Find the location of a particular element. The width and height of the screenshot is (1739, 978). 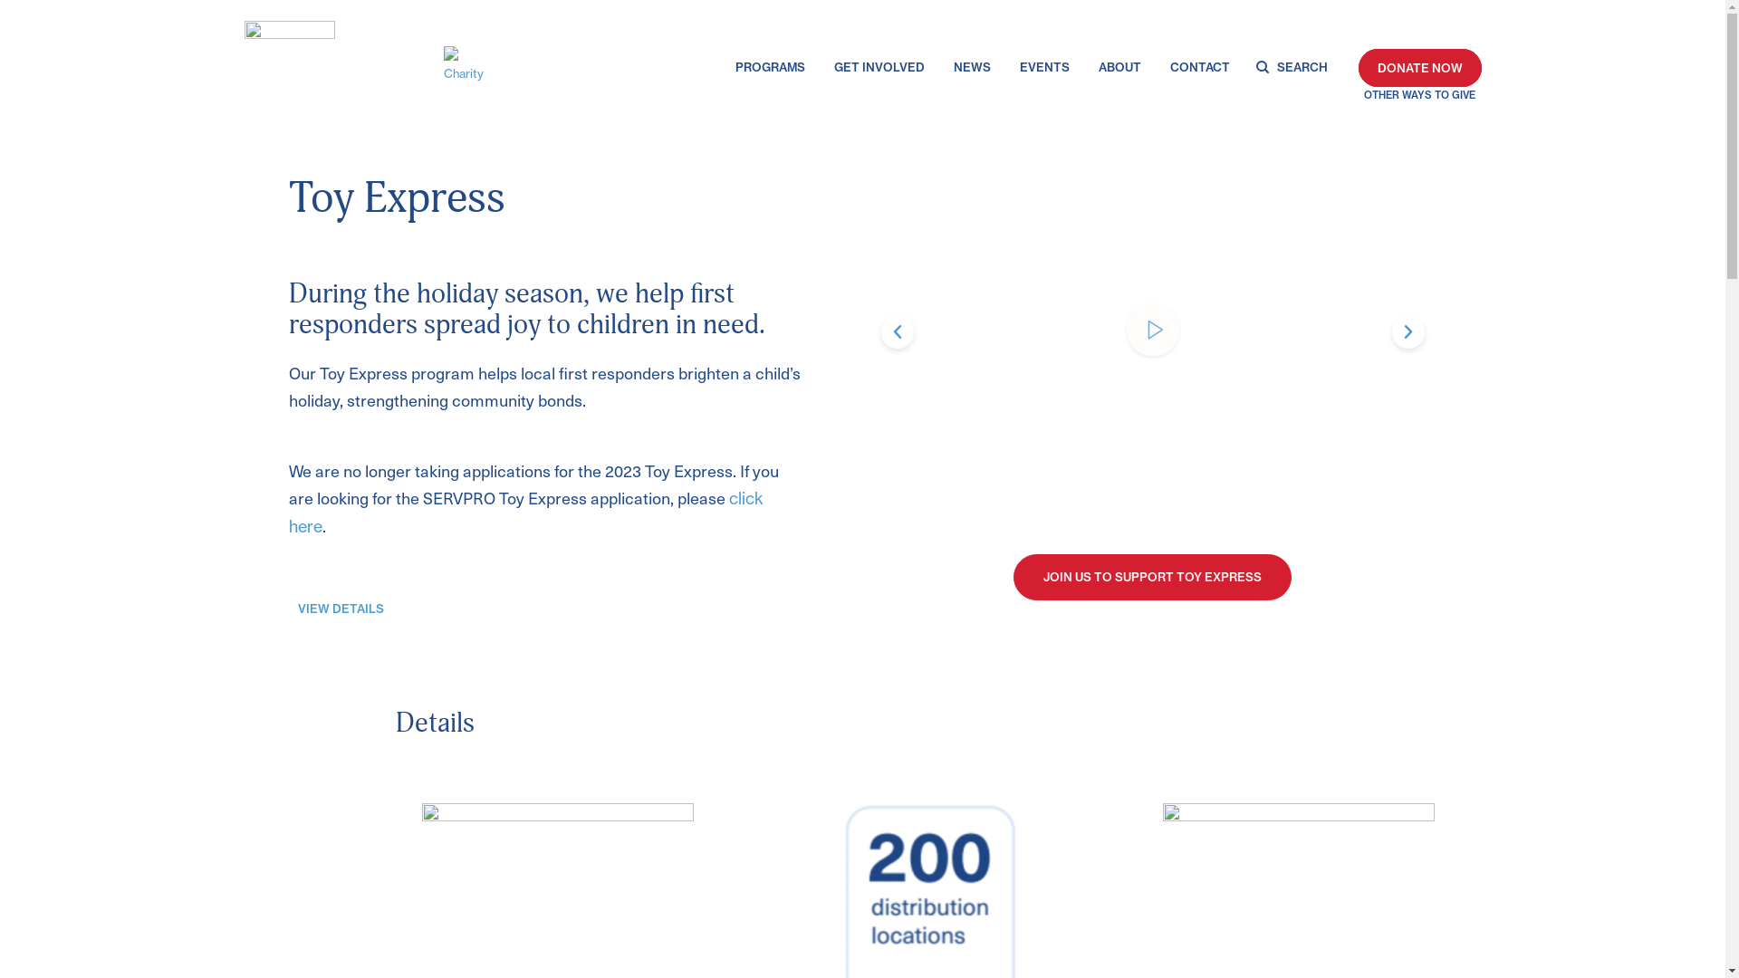

'NEWS' is located at coordinates (971, 70).